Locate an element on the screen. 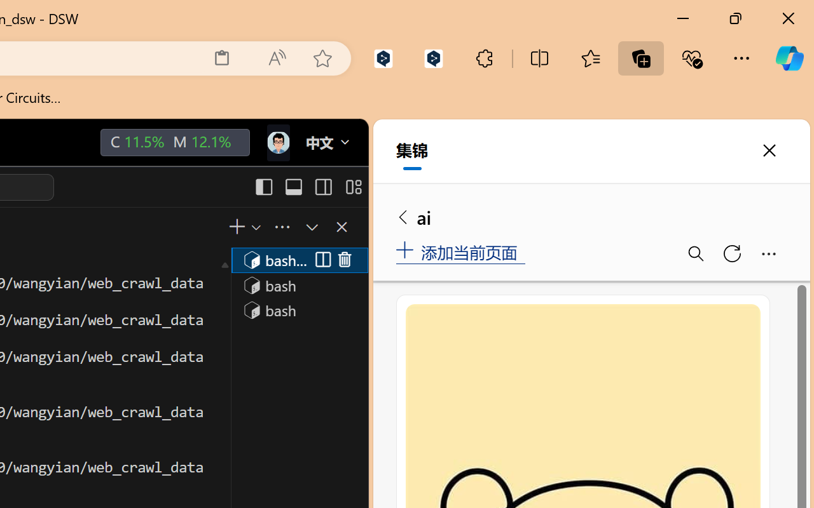  'Close Panel' is located at coordinates (341, 227).